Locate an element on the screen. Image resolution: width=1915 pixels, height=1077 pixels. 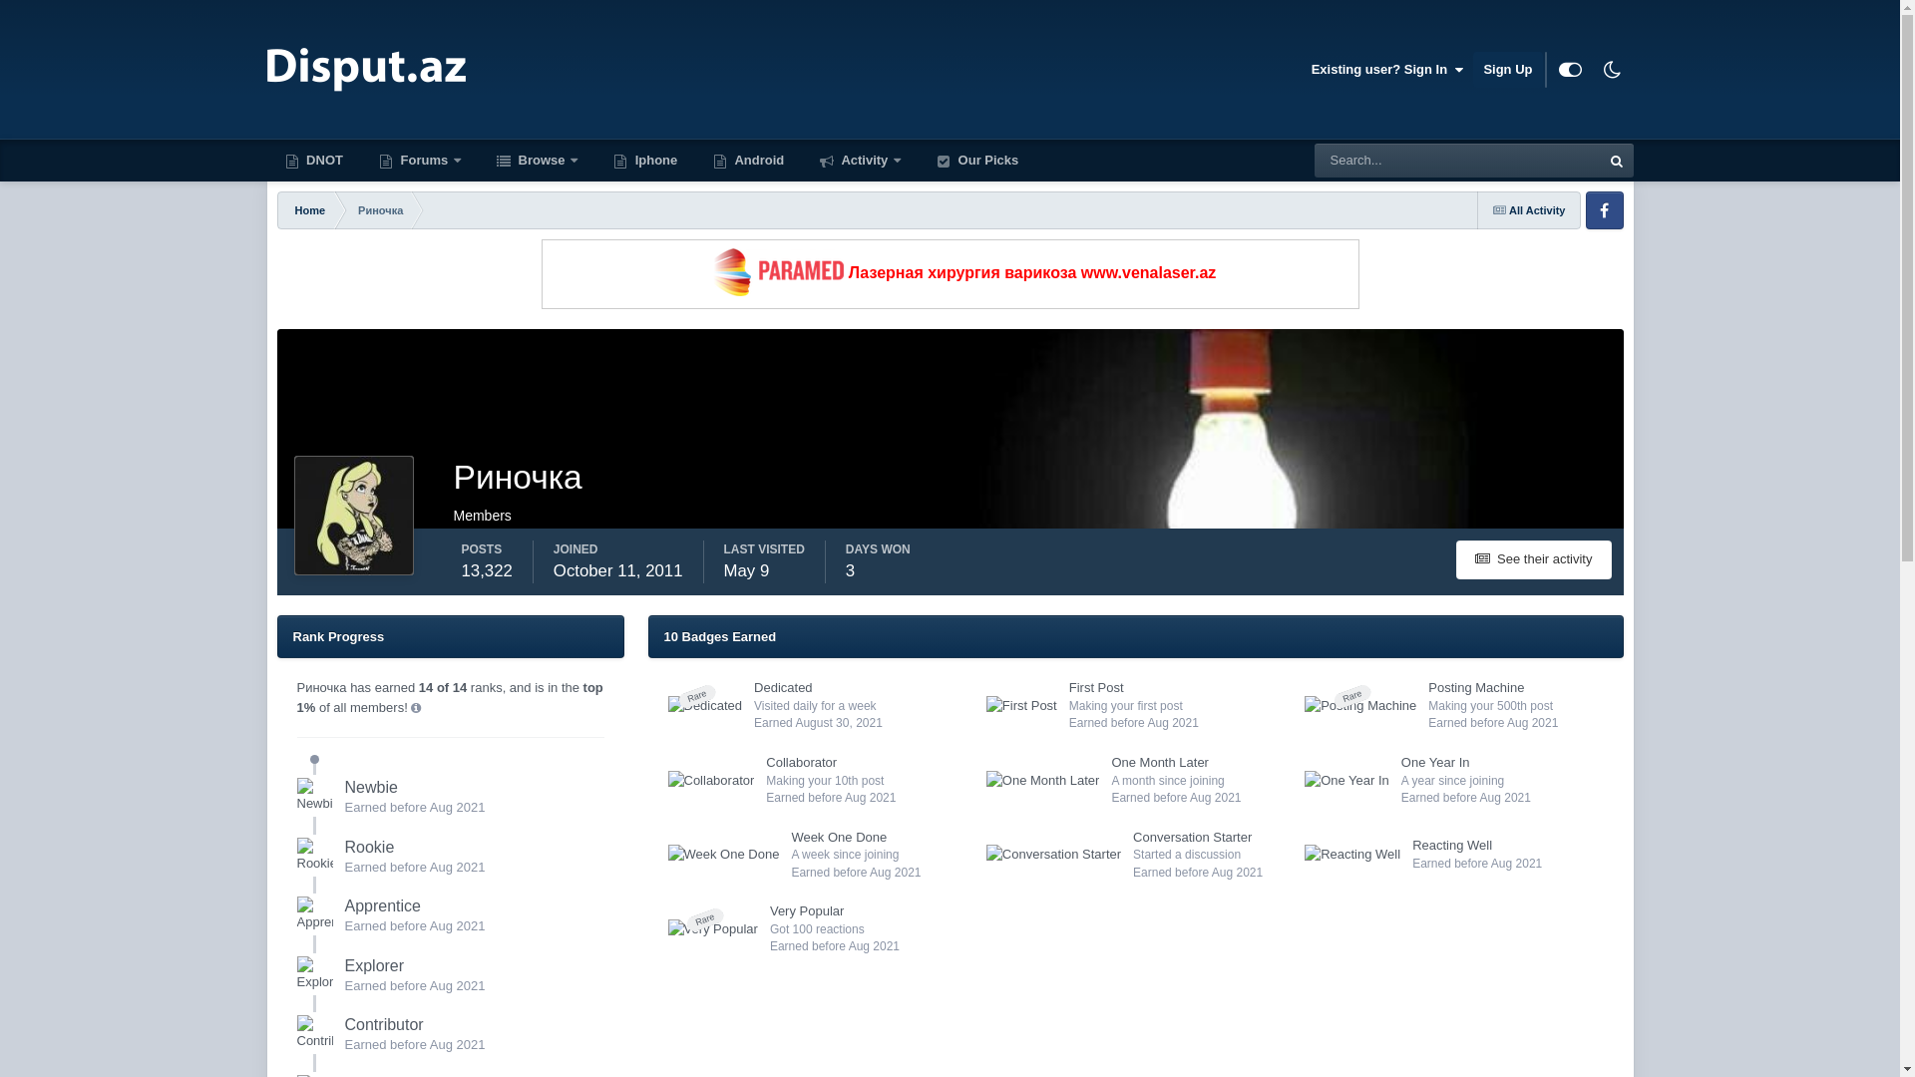
'Sign Up' is located at coordinates (1507, 68).